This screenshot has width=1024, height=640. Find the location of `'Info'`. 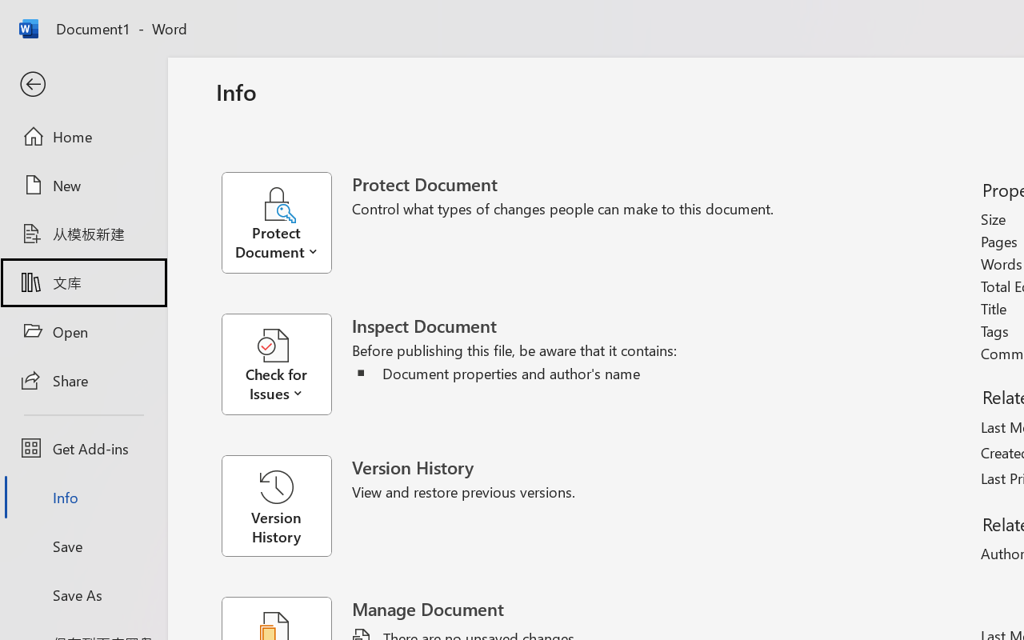

'Info' is located at coordinates (82, 497).